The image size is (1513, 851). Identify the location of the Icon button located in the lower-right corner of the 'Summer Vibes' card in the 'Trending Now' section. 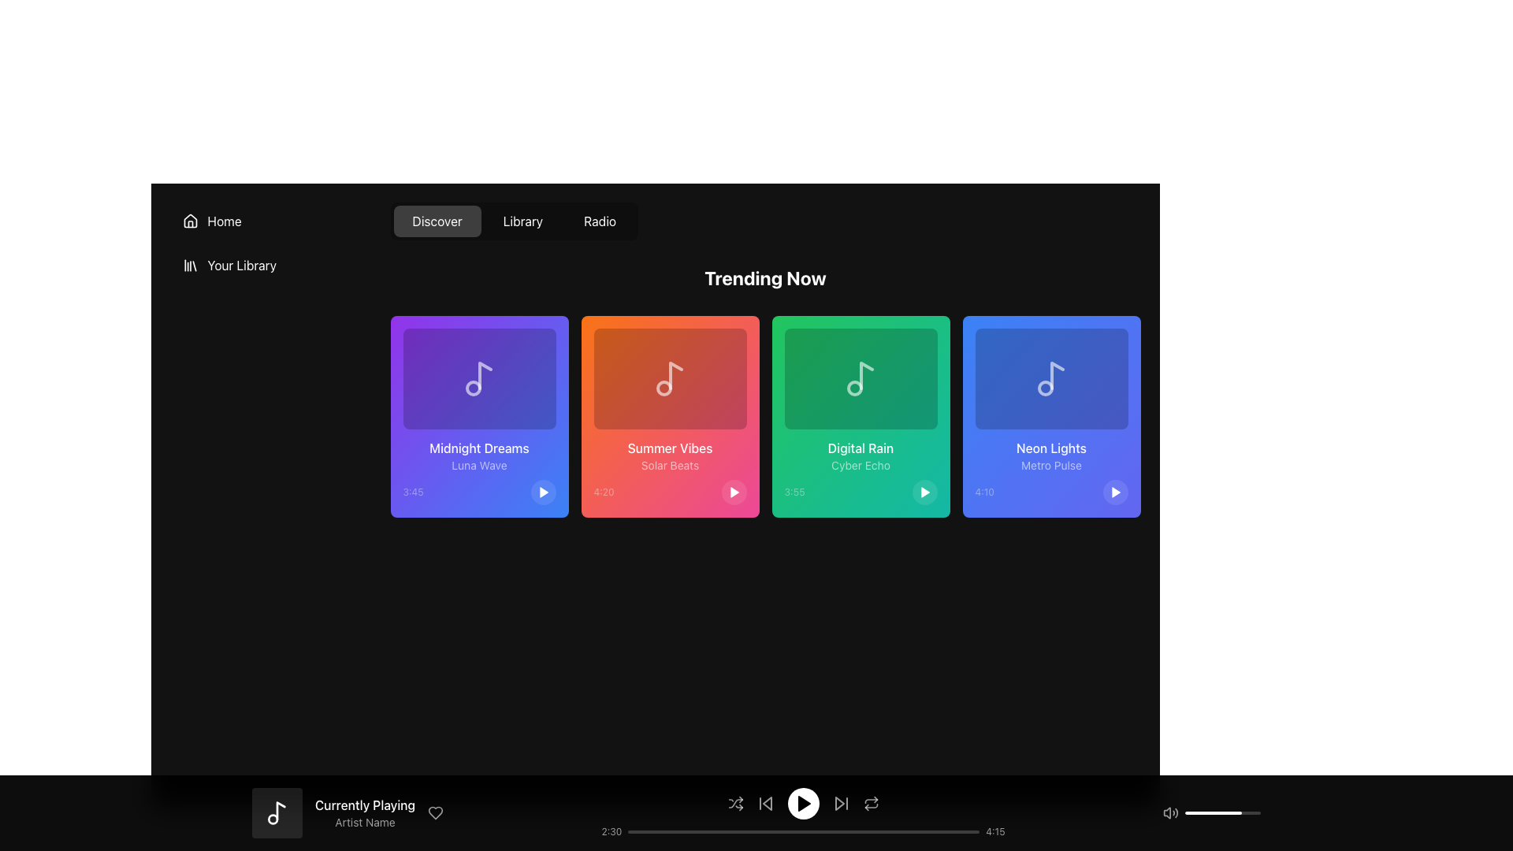
(734, 491).